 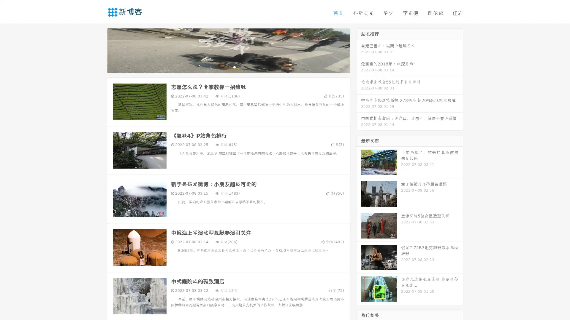 I want to click on Go to slide 1, so click(x=222, y=67).